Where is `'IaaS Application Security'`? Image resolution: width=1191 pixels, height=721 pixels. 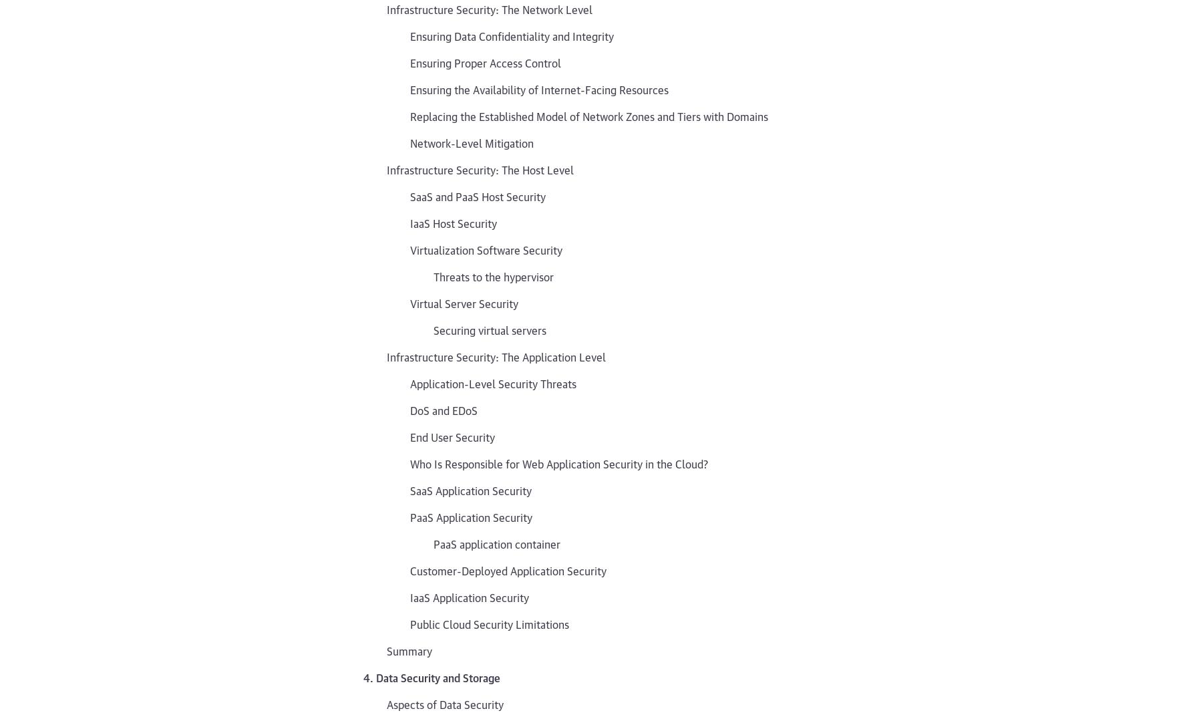 'IaaS Application Security' is located at coordinates (469, 595).